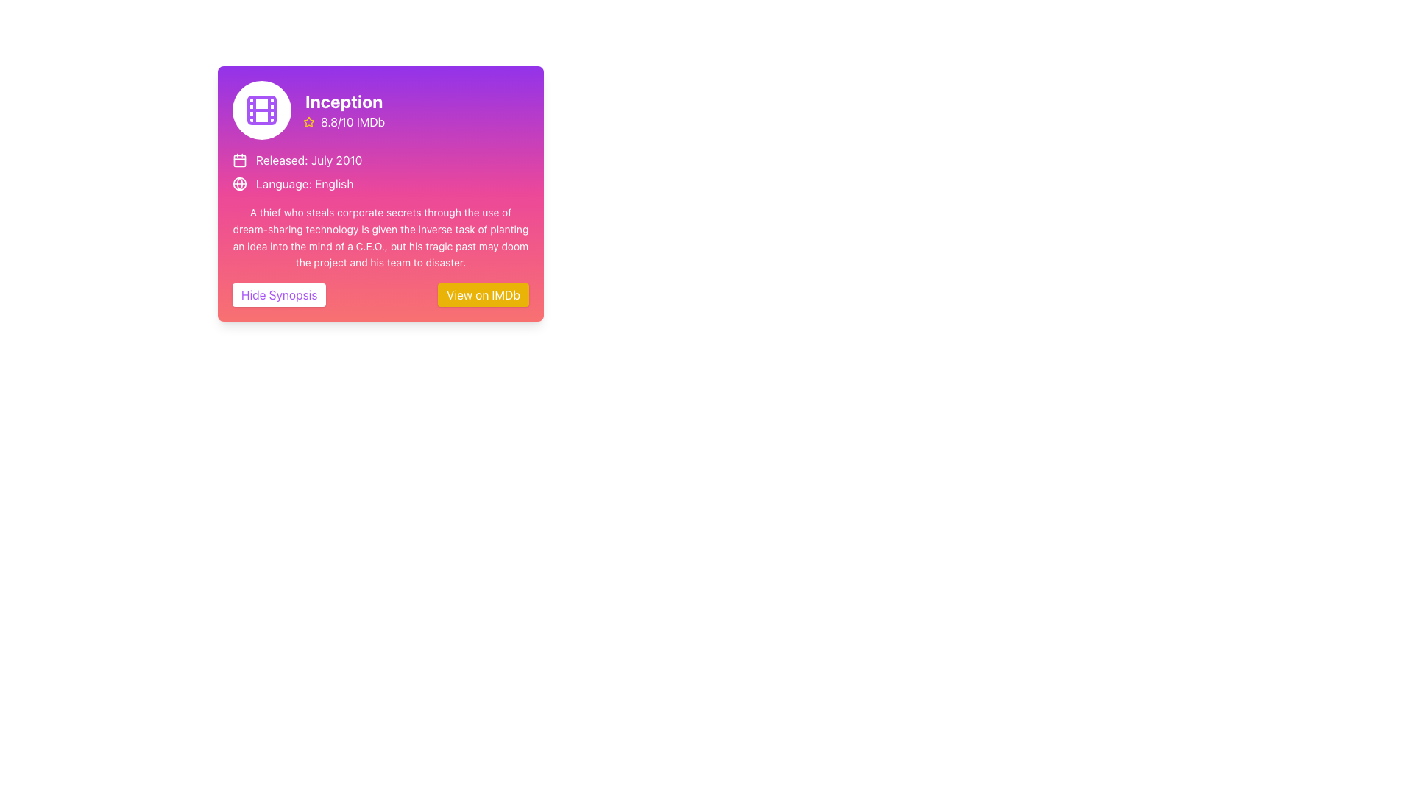  Describe the element at coordinates (380, 110) in the screenshot. I see `the rating text '8.8/10 IMDb' in the Title Header Section with a purple gradient background that includes the title 'Inception'` at that location.